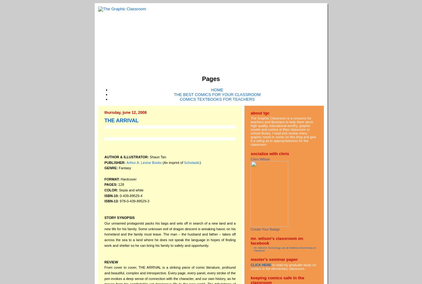  What do you see at coordinates (192, 162) in the screenshot?
I see `'Scholastic'` at bounding box center [192, 162].